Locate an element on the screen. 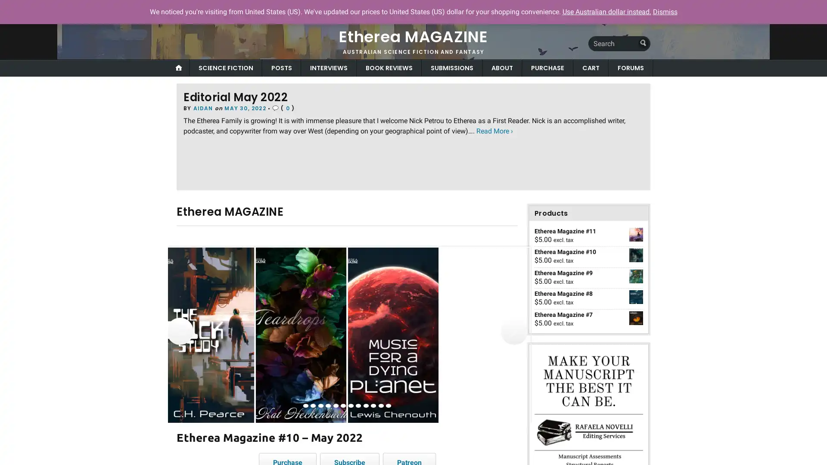 The image size is (827, 465). view image 3 of 12 in carousel is located at coordinates (320, 405).